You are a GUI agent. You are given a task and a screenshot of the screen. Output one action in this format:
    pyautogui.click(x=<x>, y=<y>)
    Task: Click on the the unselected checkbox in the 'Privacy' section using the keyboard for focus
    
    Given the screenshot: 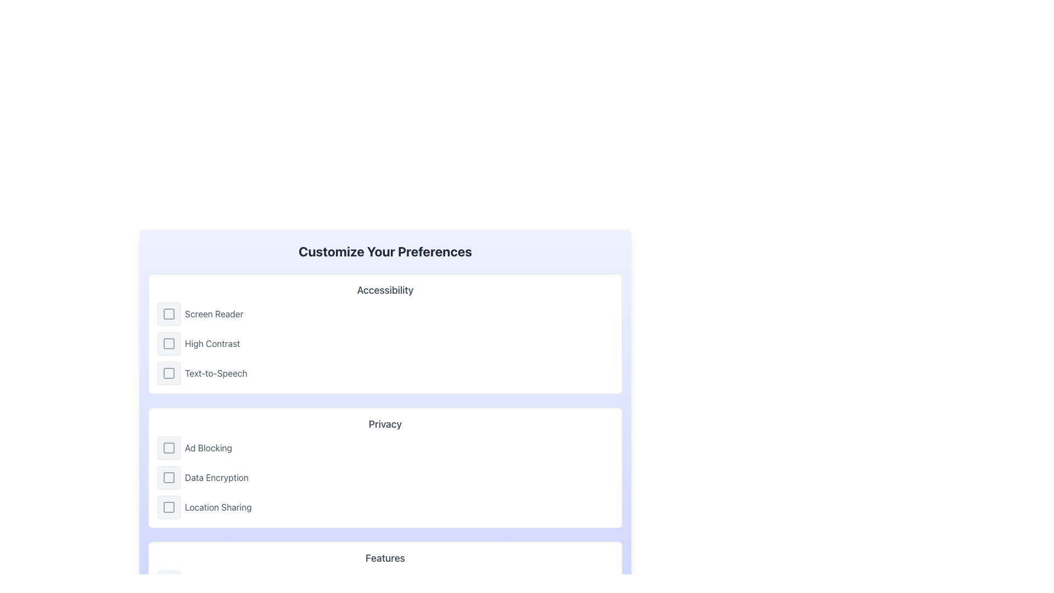 What is the action you would take?
    pyautogui.click(x=168, y=507)
    